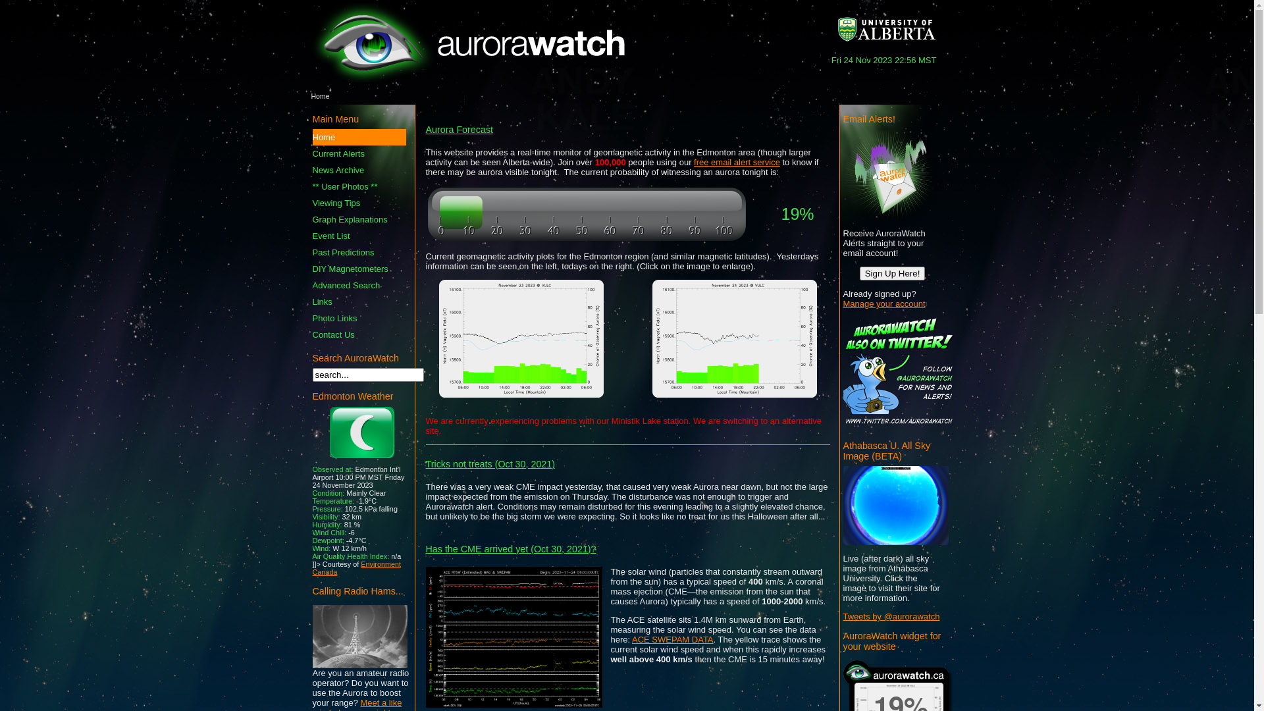 This screenshot has width=1264, height=711. Describe the element at coordinates (843, 616) in the screenshot. I see `'Tweets by @aurorawatch'` at that location.